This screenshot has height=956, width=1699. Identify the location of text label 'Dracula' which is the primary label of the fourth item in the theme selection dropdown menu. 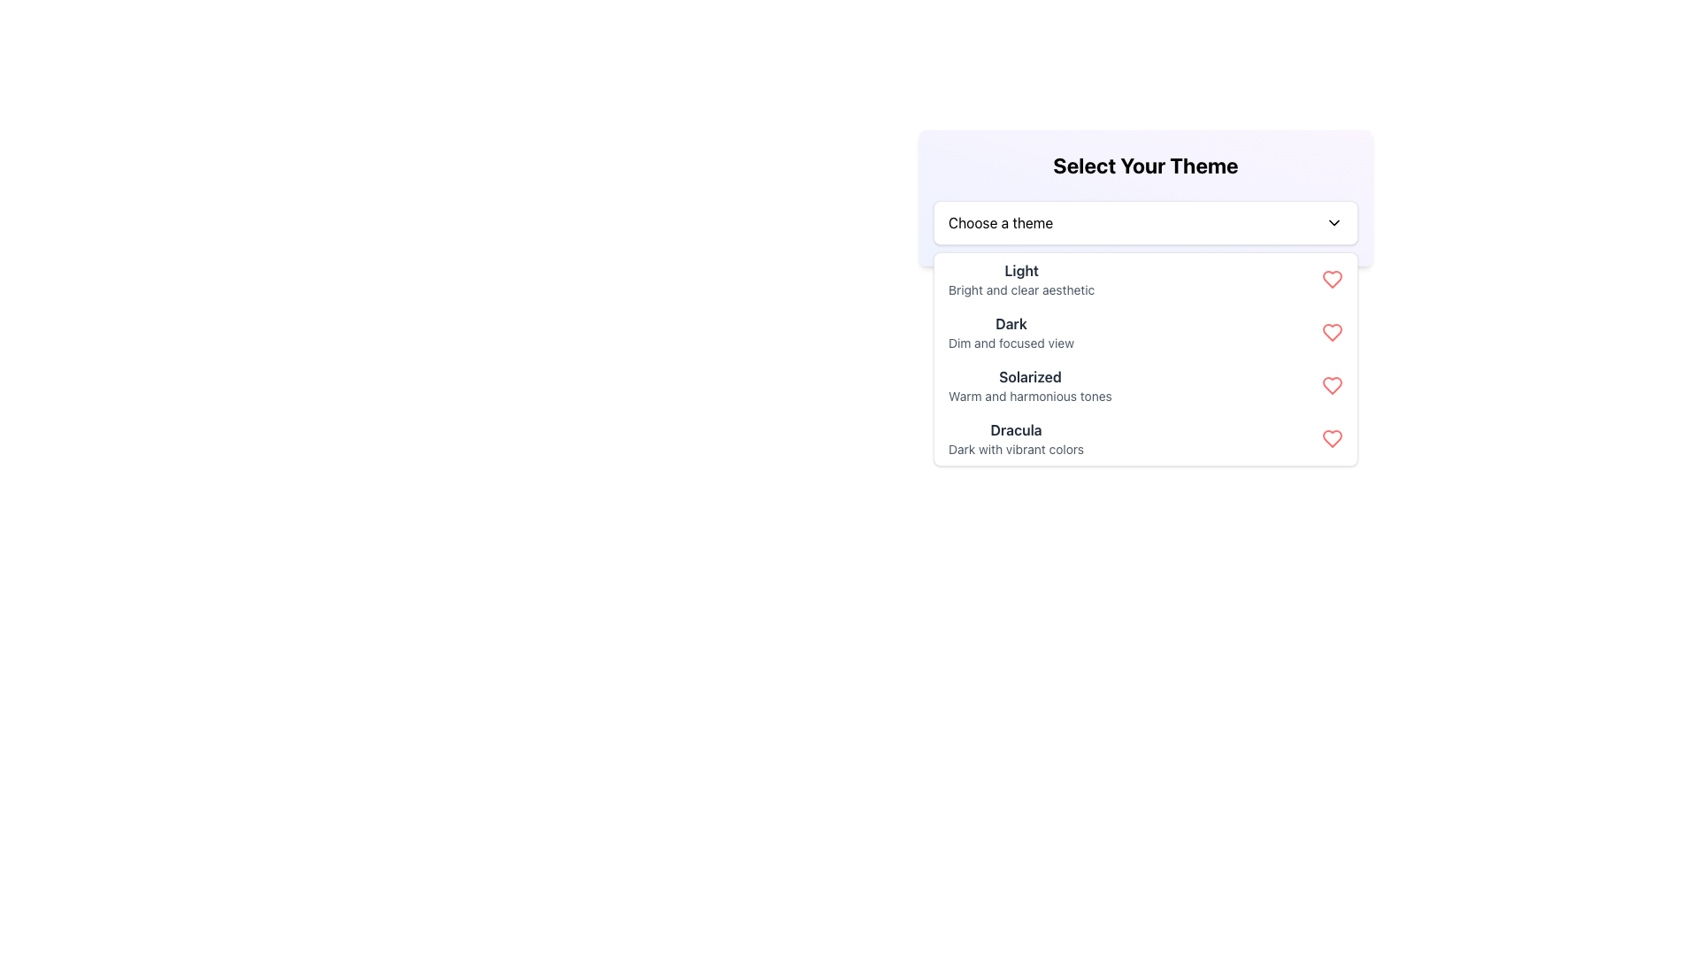
(1016, 430).